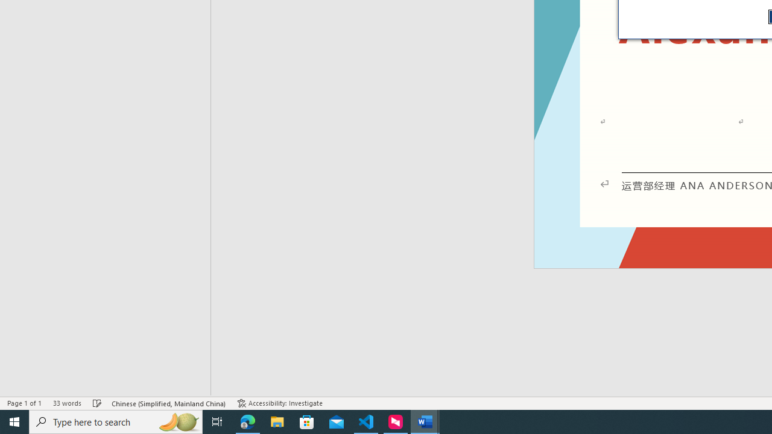 The image size is (772, 434). Describe the element at coordinates (425, 421) in the screenshot. I see `'Word - 2 running windows'` at that location.